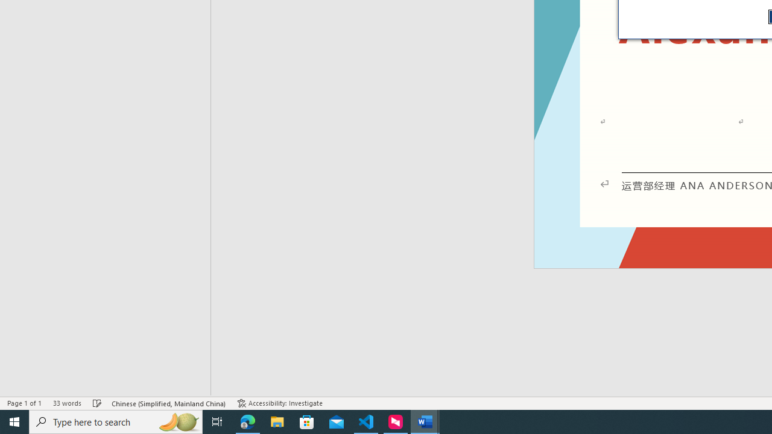 The image size is (772, 434). Describe the element at coordinates (425, 421) in the screenshot. I see `'Word - 2 running windows'` at that location.